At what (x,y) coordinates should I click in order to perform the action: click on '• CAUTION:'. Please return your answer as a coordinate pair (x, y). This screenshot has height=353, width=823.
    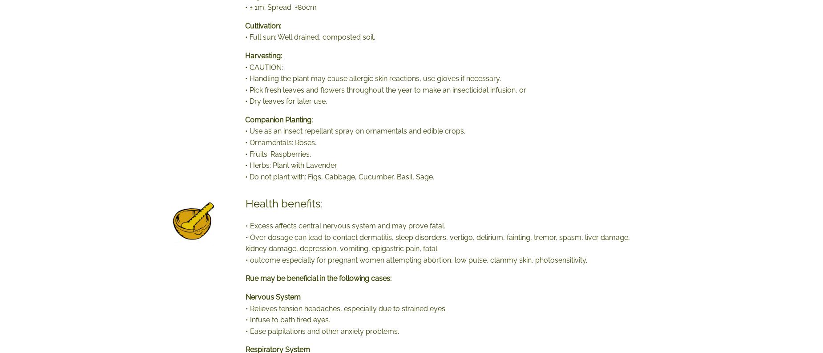
    Looking at the image, I should click on (264, 67).